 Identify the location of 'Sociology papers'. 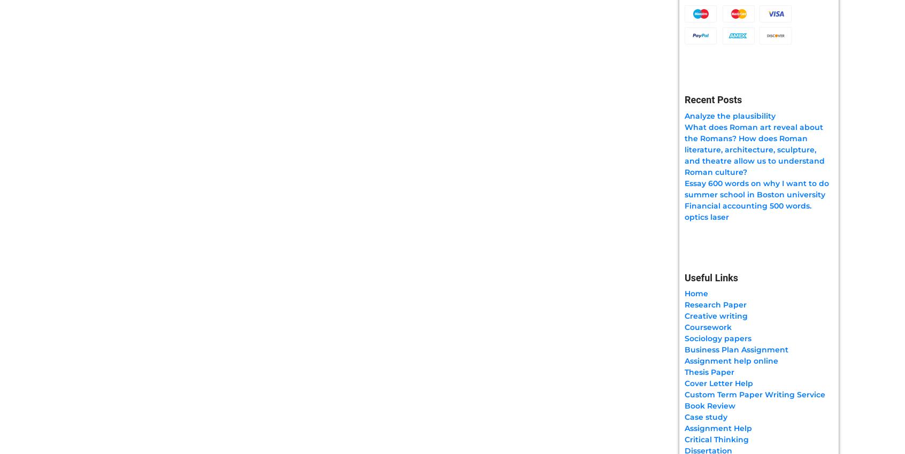
(718, 337).